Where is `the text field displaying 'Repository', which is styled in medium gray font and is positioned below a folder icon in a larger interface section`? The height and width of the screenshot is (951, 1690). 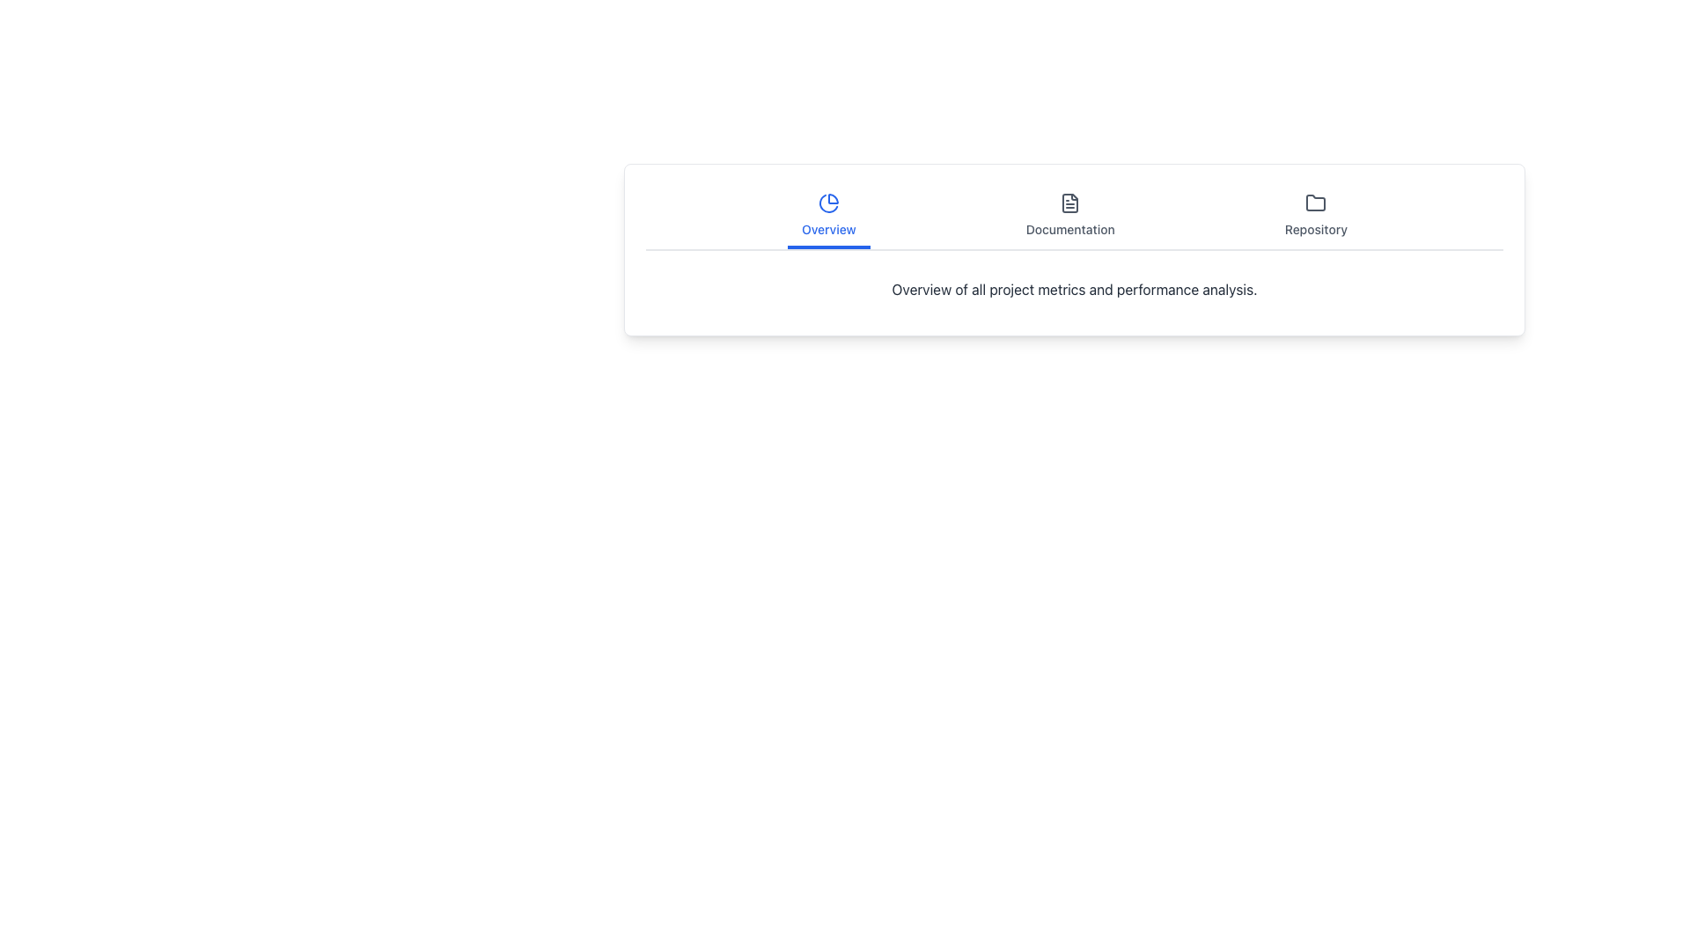 the text field displaying 'Repository', which is styled in medium gray font and is positioned below a folder icon in a larger interface section is located at coordinates (1316, 229).